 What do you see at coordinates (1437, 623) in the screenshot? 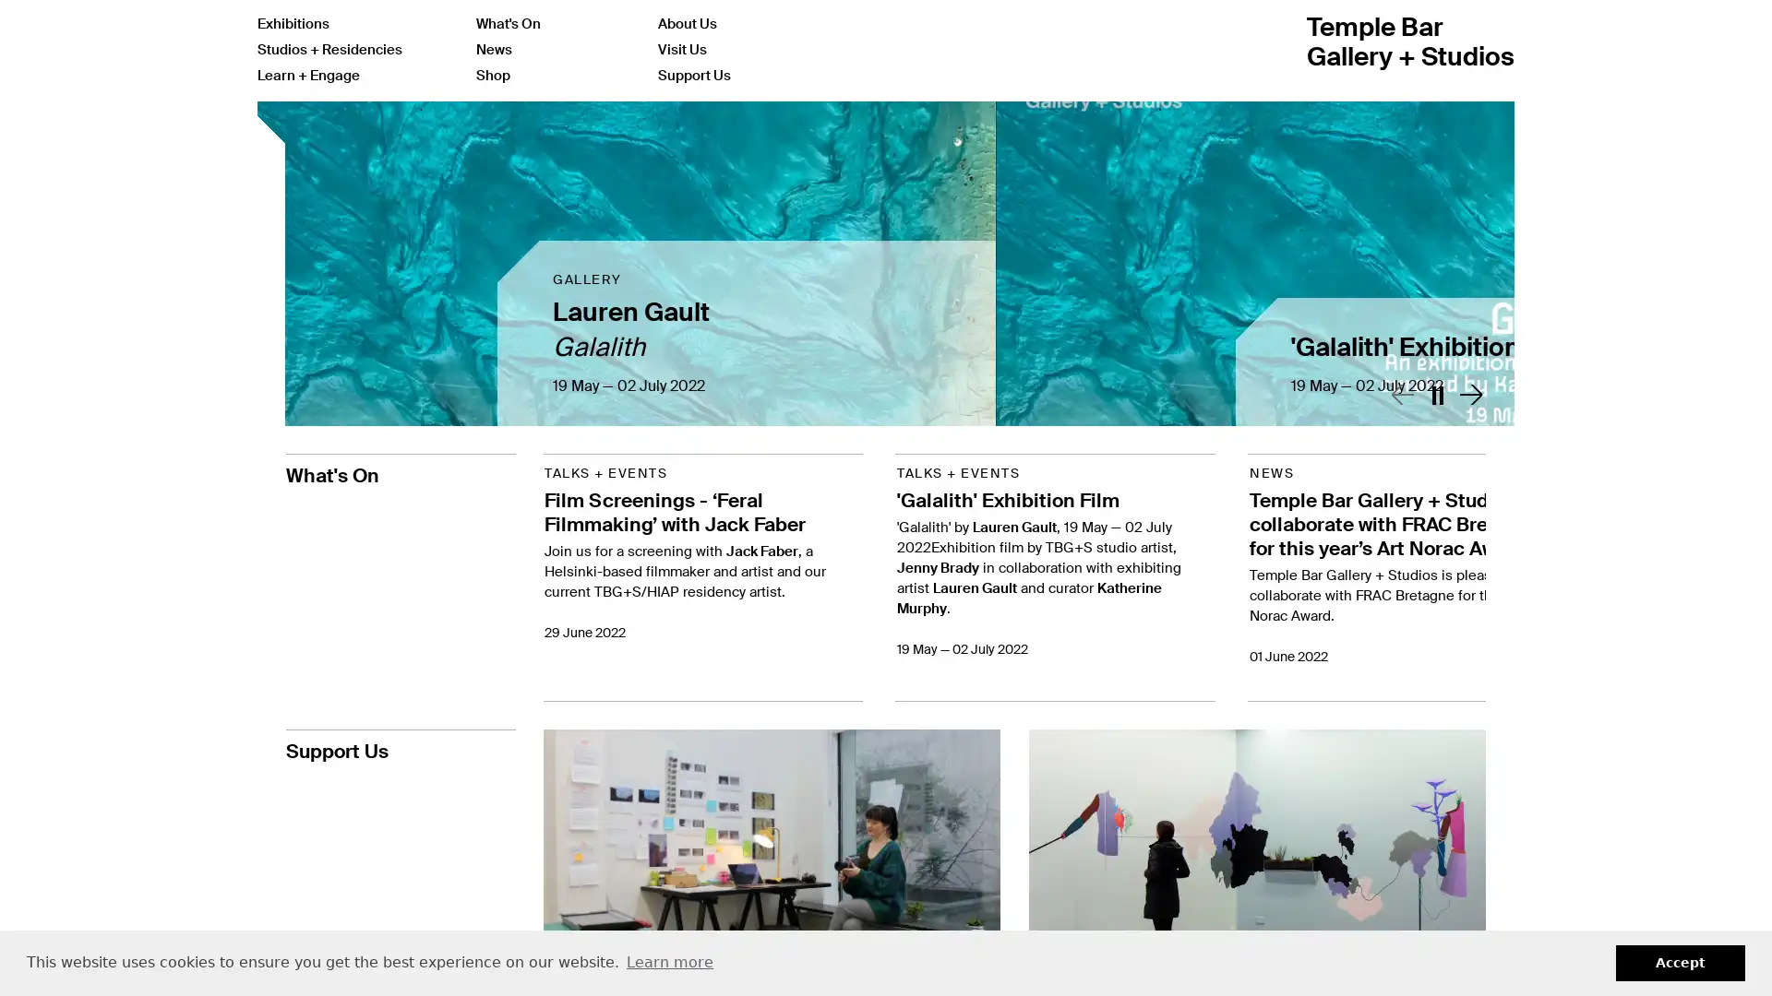
I see `Toggle play / stop slider` at bounding box center [1437, 623].